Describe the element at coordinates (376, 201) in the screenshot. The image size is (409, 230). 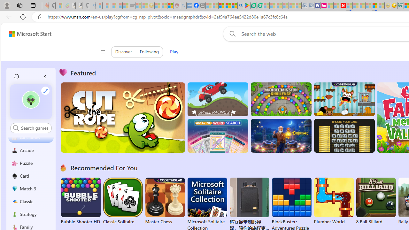
I see `'8 Ball Billiard'` at that location.